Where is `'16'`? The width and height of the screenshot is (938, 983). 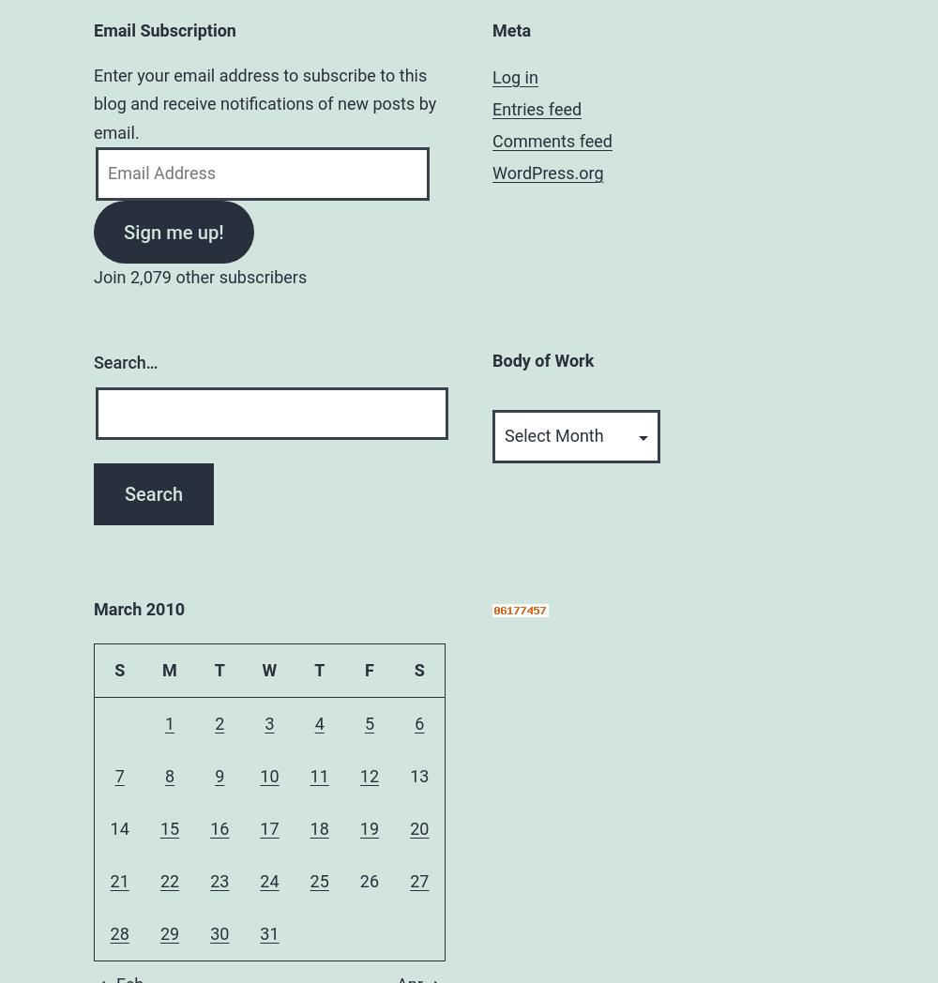 '16' is located at coordinates (219, 826).